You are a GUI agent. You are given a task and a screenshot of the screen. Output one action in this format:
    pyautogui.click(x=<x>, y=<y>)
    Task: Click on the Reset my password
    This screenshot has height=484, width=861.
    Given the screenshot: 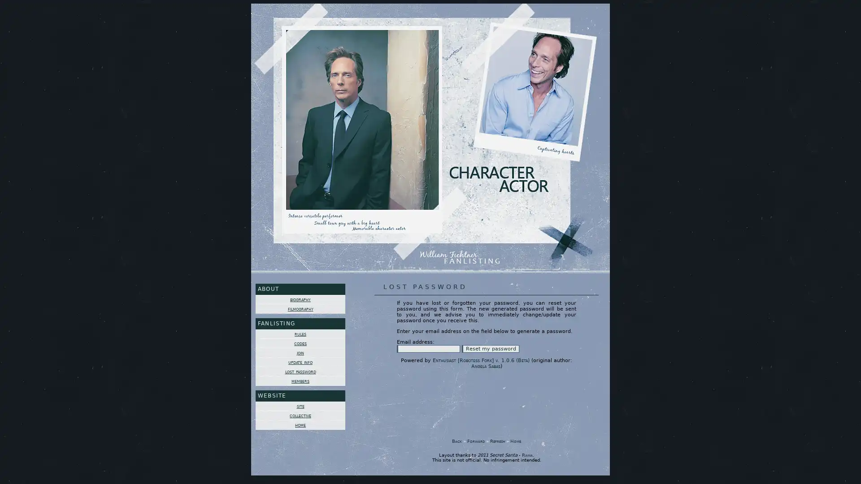 What is the action you would take?
    pyautogui.click(x=490, y=348)
    